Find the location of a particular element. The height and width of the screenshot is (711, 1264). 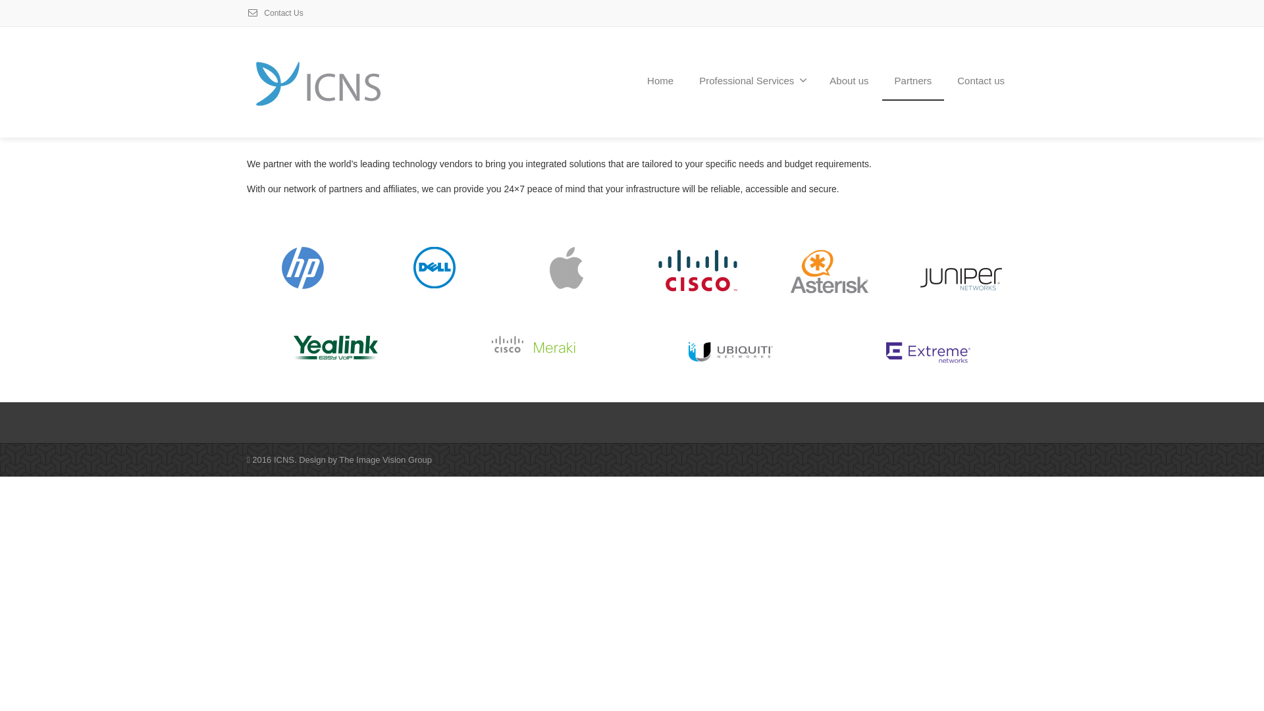

'Professional Services' is located at coordinates (685, 81).